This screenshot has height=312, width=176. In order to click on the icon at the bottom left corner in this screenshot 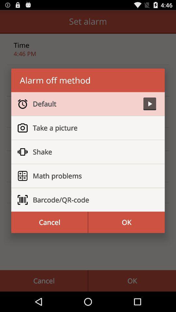, I will do `click(49, 222)`.